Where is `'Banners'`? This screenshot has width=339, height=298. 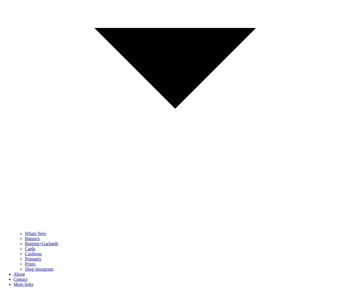 'Banners' is located at coordinates (32, 238).